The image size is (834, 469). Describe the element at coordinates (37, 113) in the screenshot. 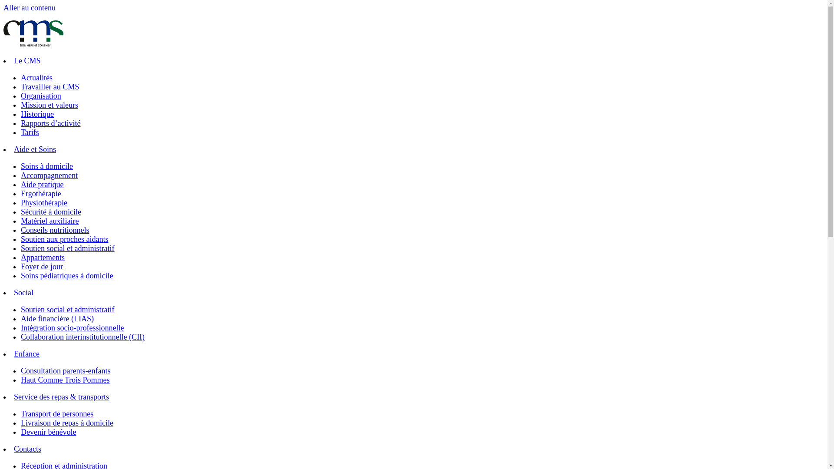

I see `'Historique'` at that location.